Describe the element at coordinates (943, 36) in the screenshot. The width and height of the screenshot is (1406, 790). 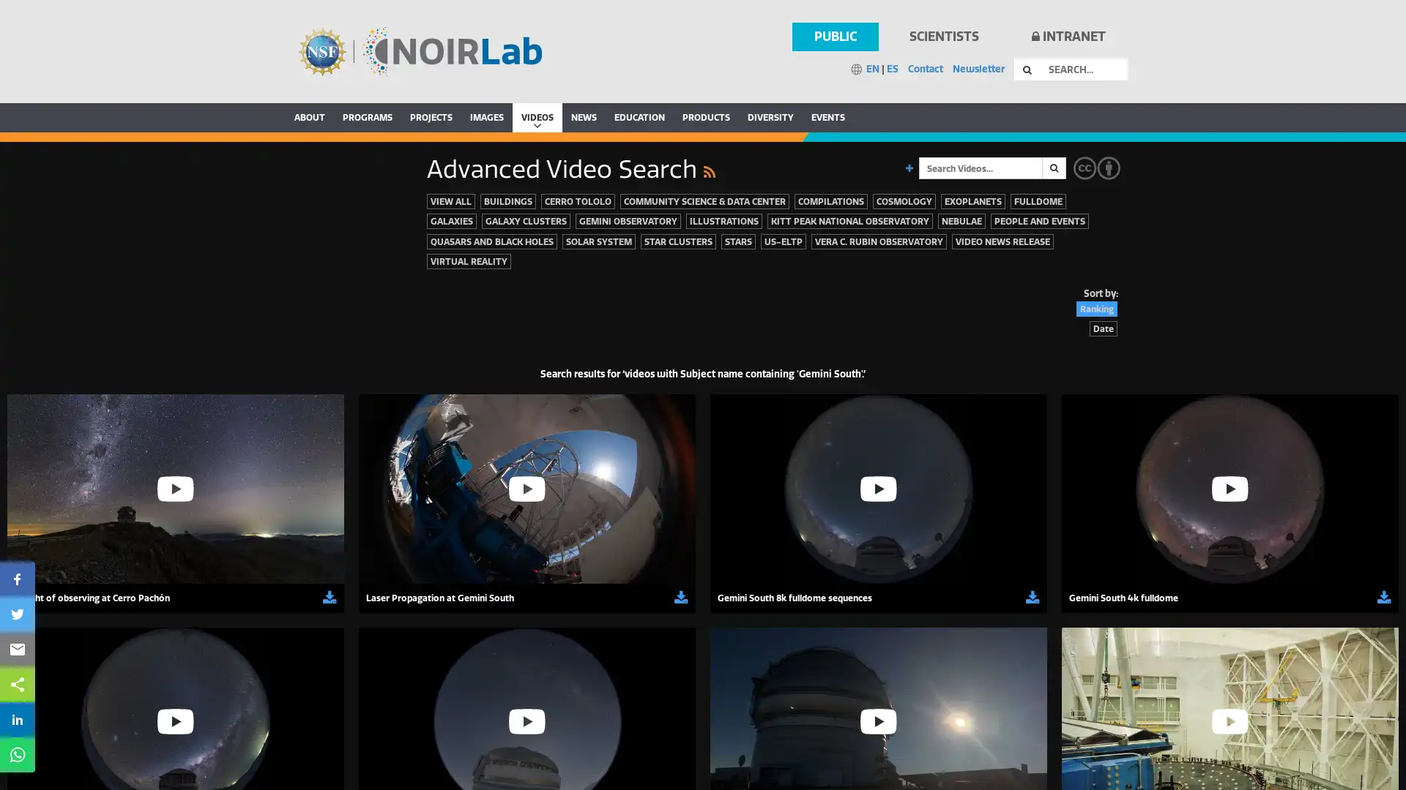
I see `SCIENTISTS` at that location.